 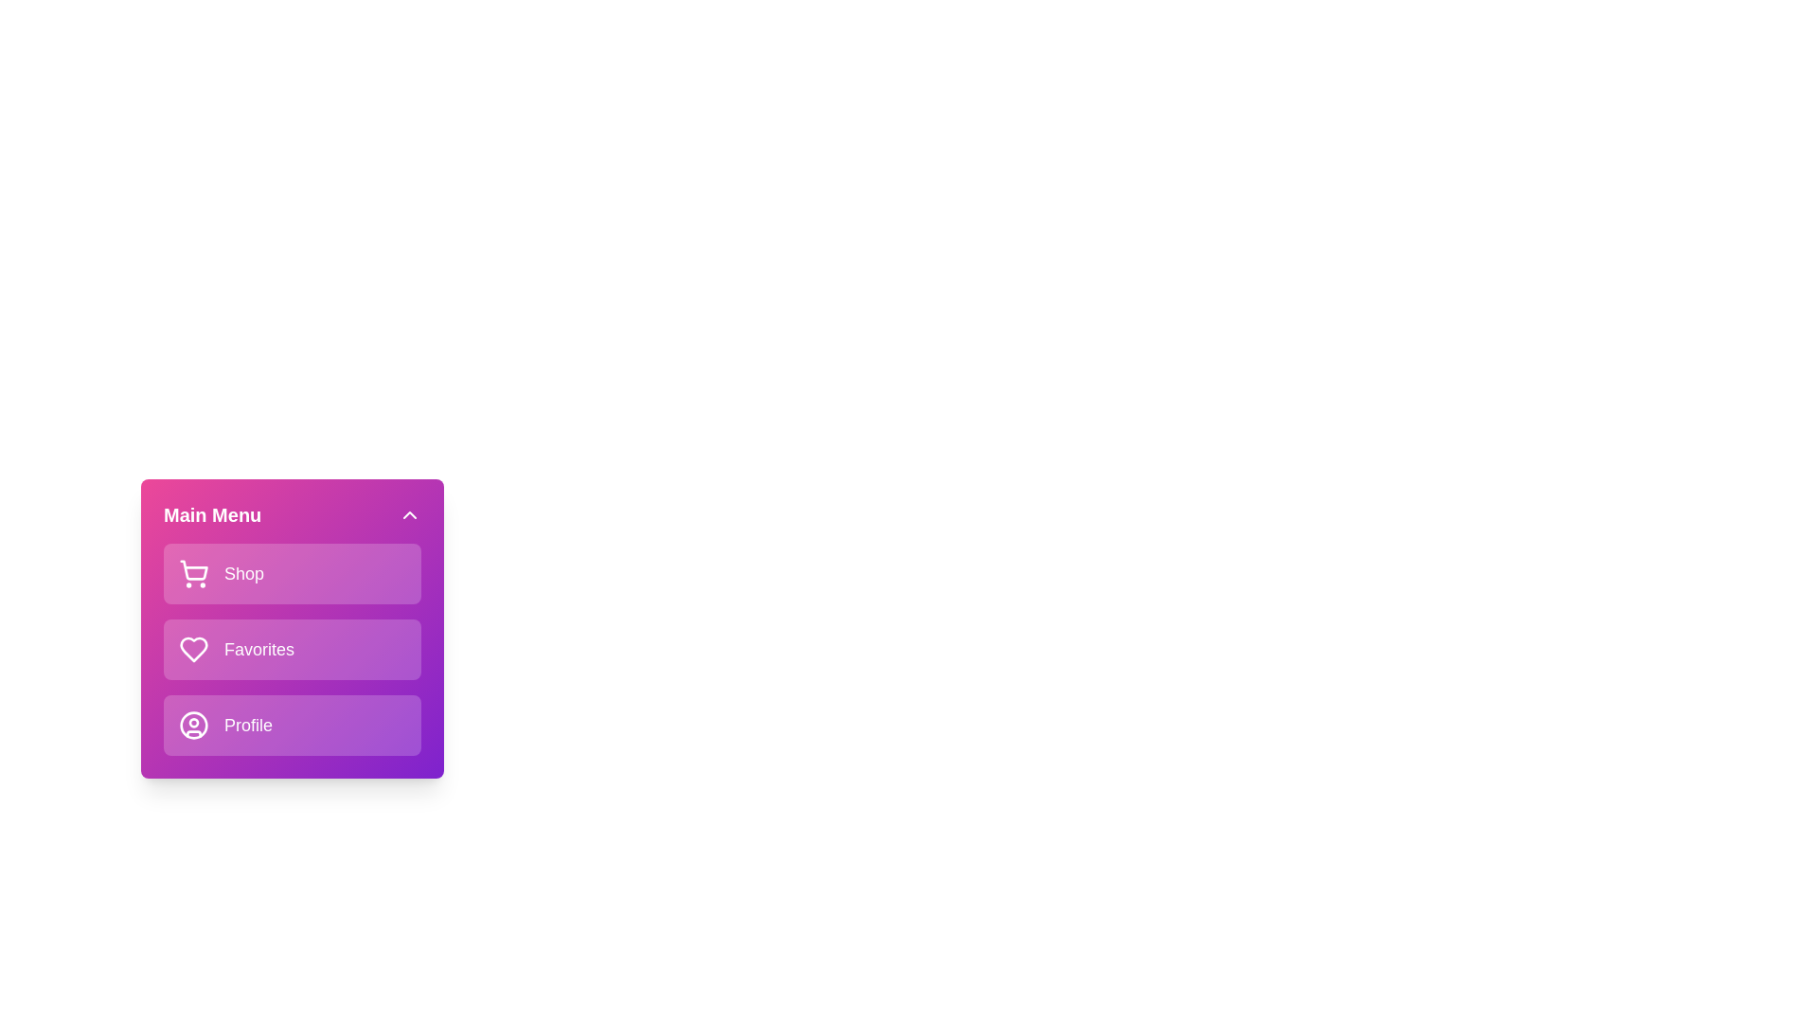 What do you see at coordinates (194, 649) in the screenshot?
I see `the menu item icon corresponding to Favorites` at bounding box center [194, 649].